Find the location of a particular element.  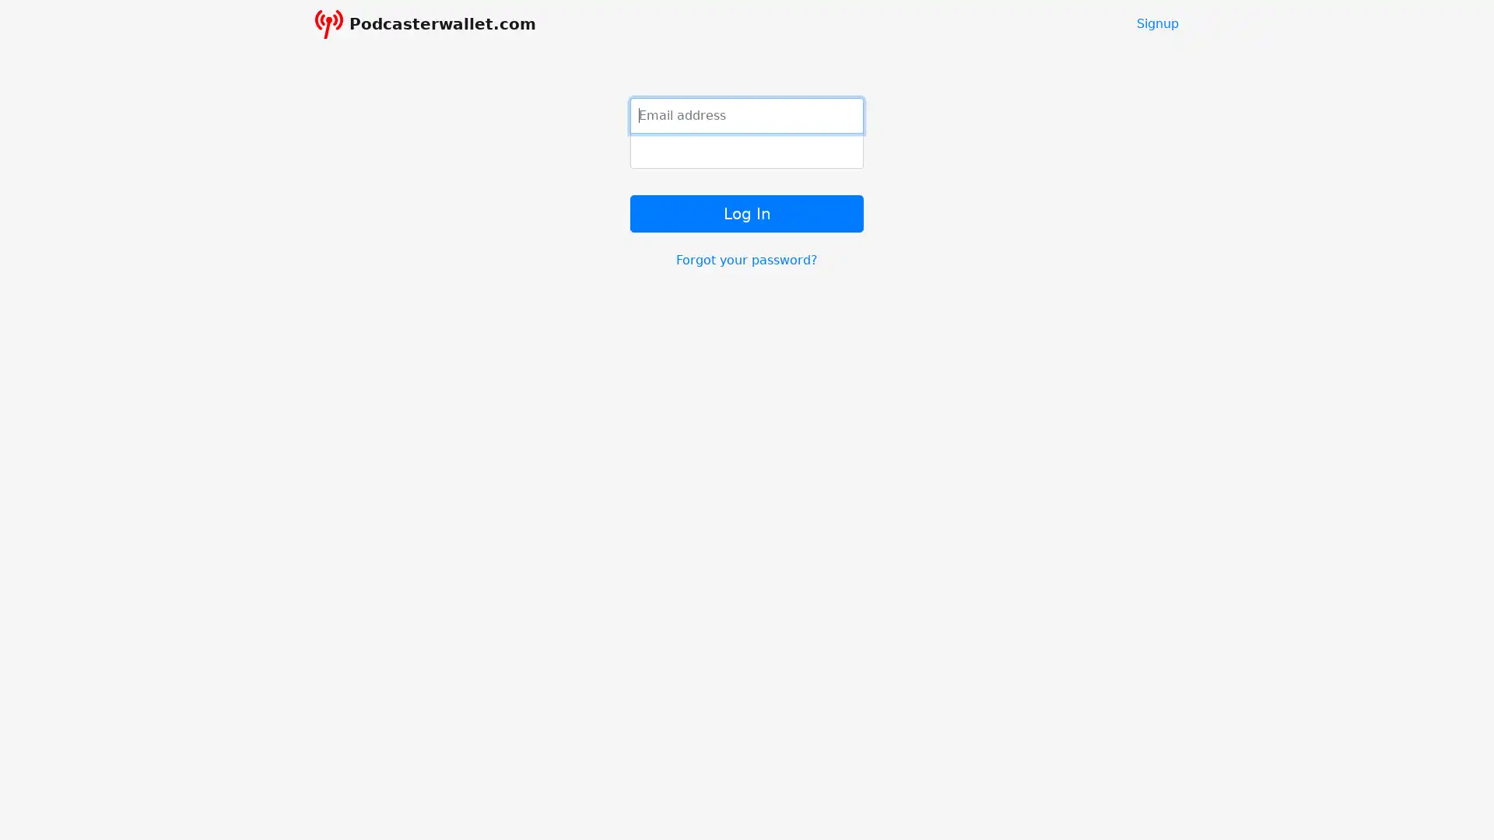

Log In is located at coordinates (747, 212).